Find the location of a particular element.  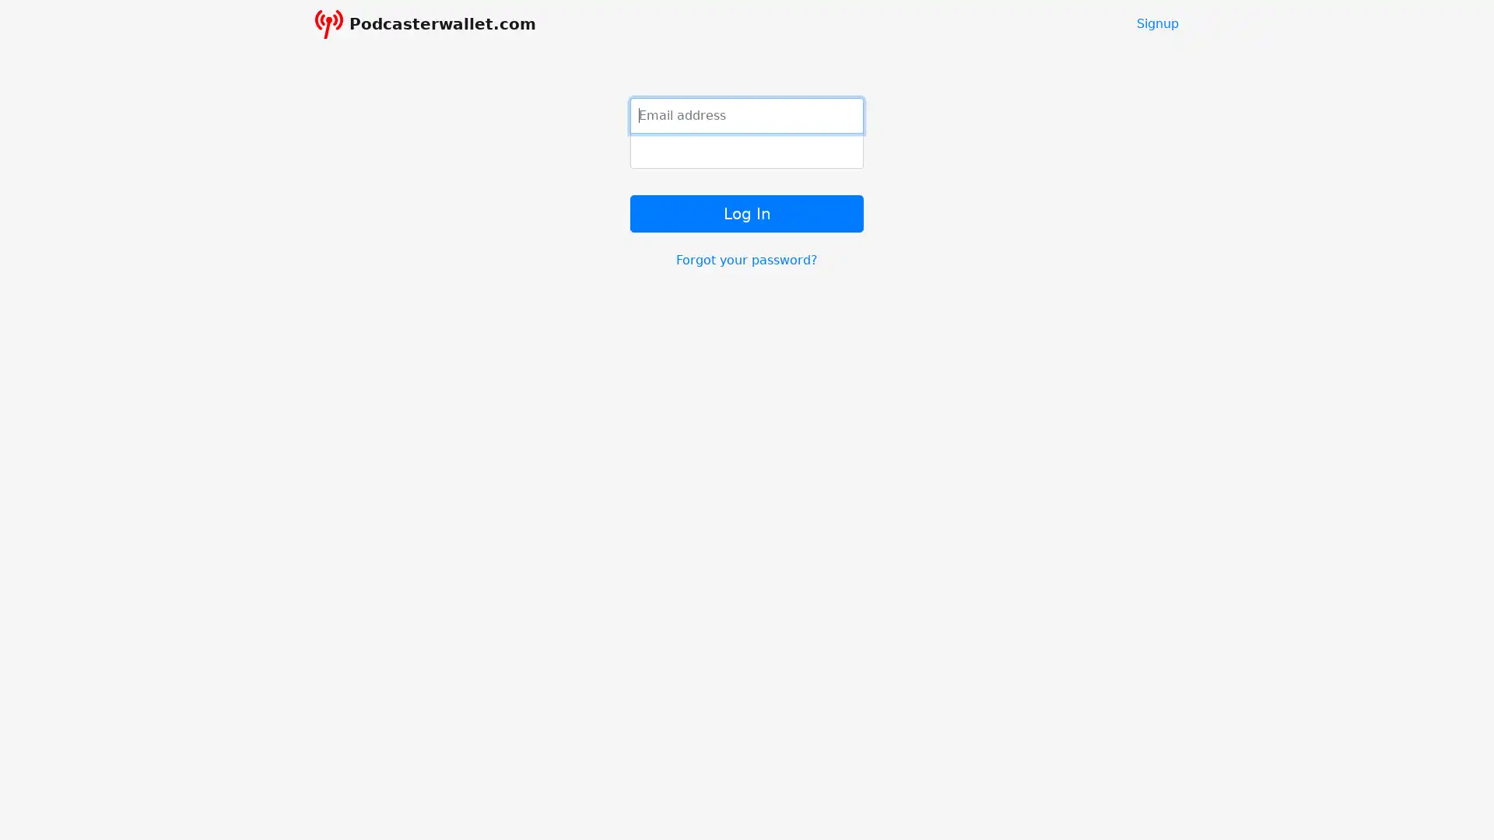

Log In is located at coordinates (747, 212).